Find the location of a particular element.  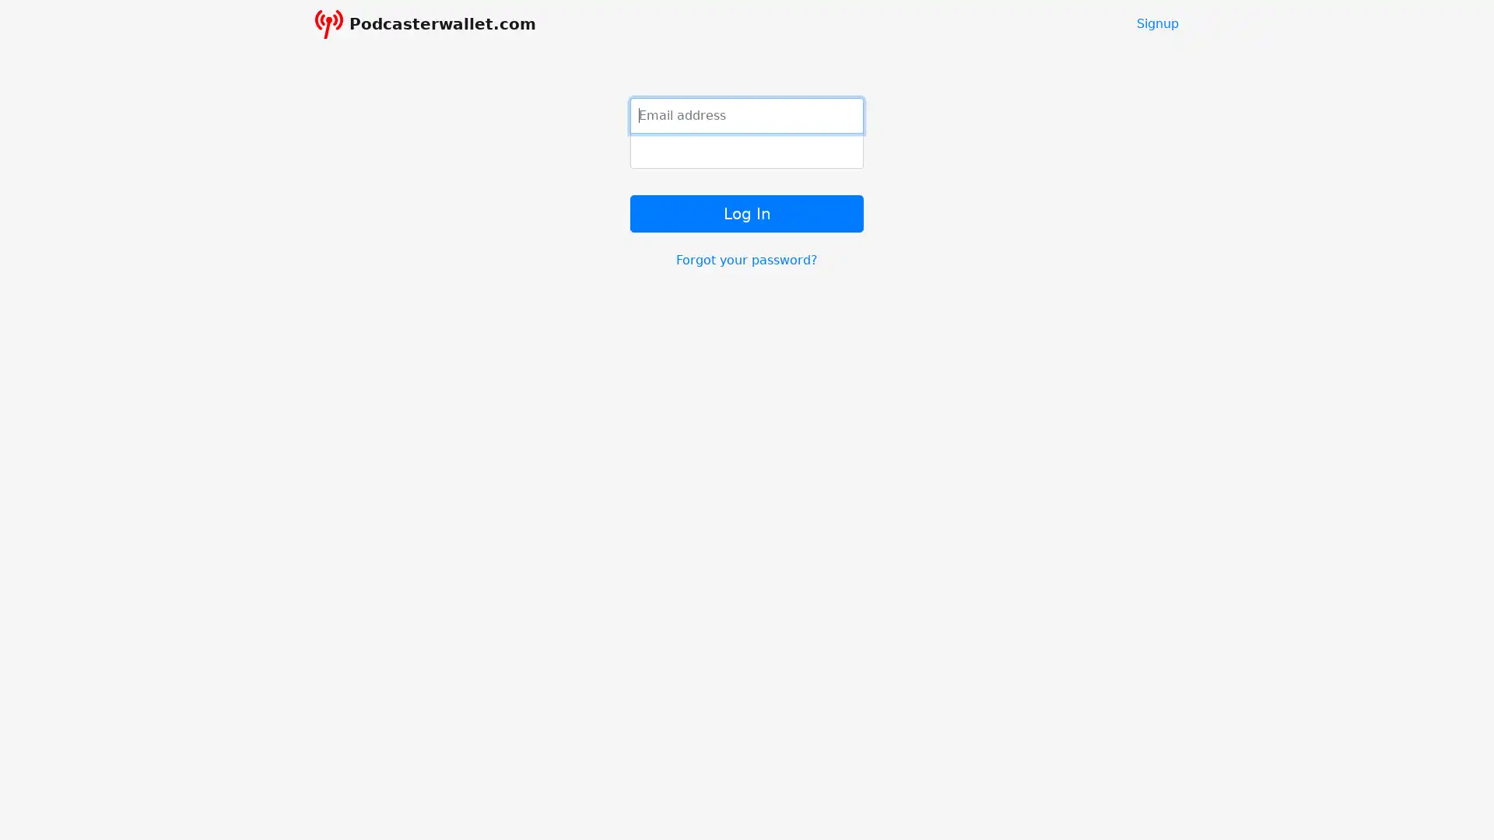

Log In is located at coordinates (747, 212).